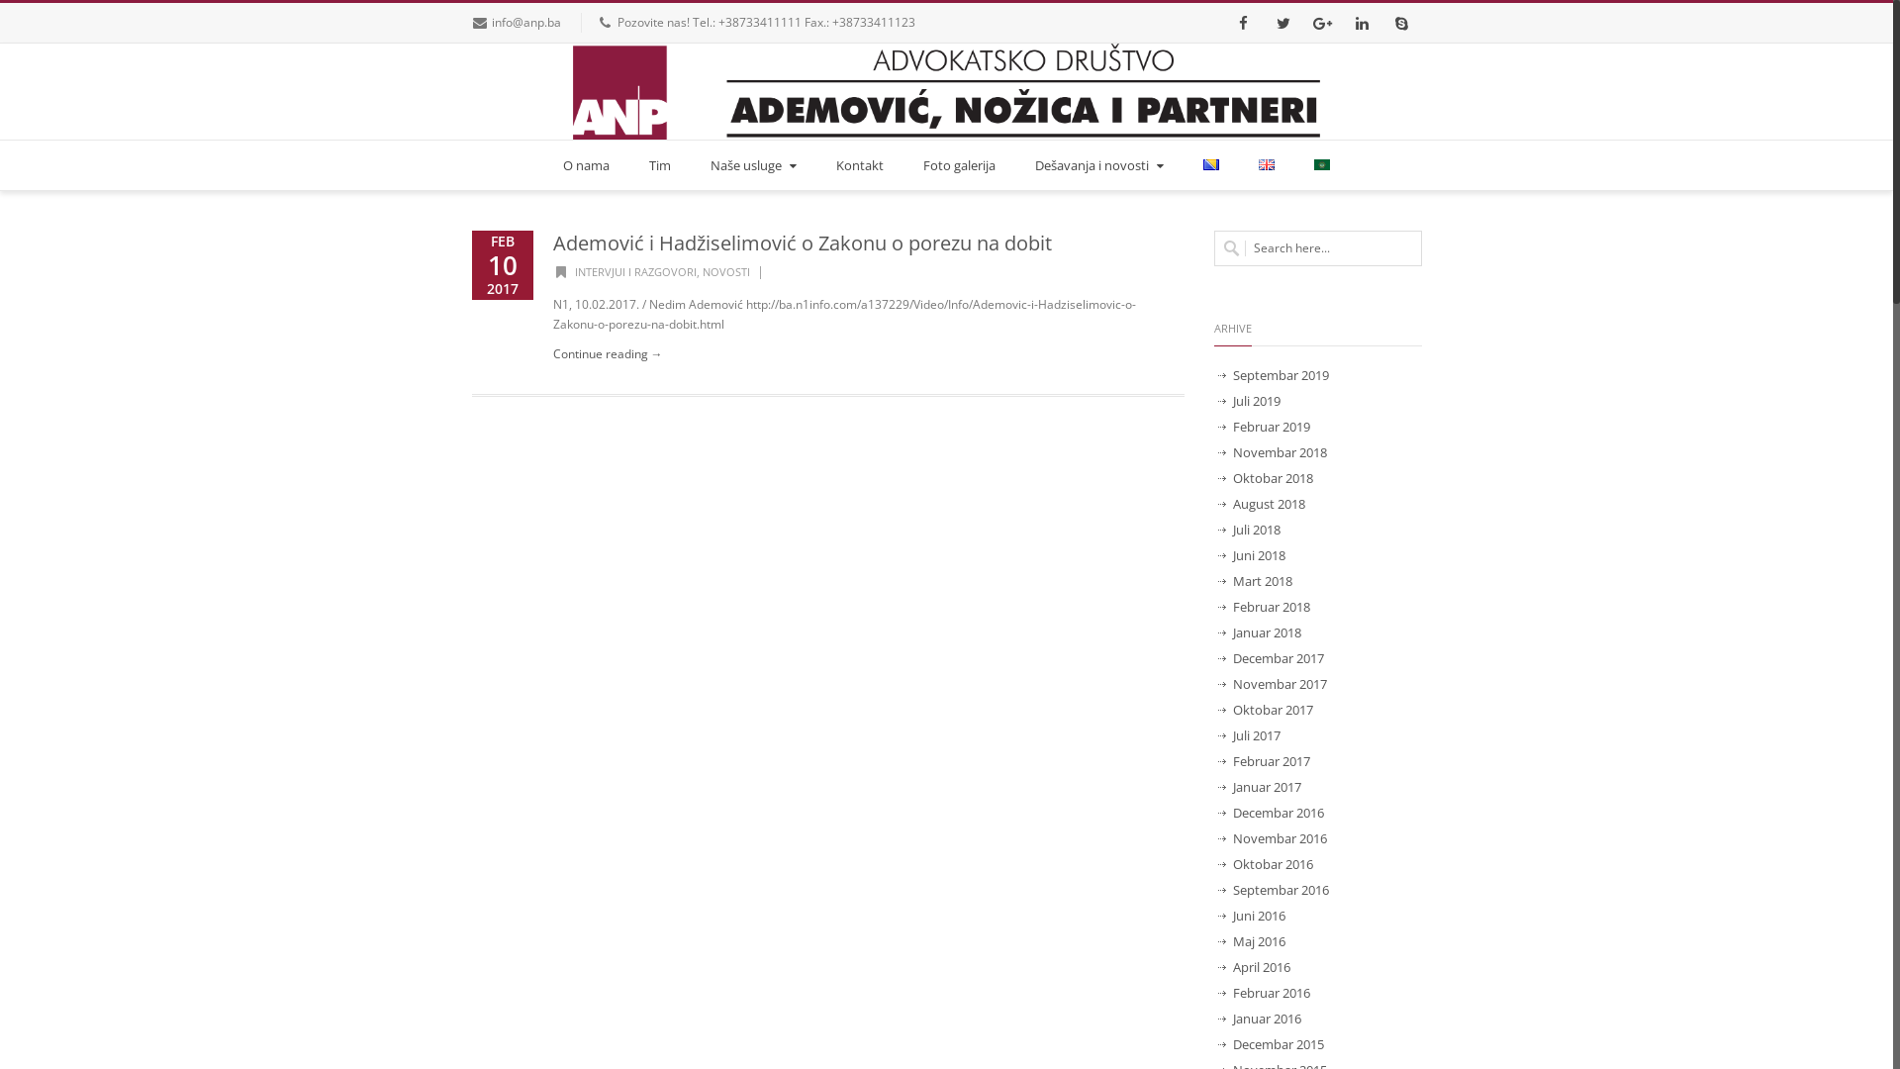 The height and width of the screenshot is (1069, 1900). What do you see at coordinates (1215, 606) in the screenshot?
I see `'Februar 2018'` at bounding box center [1215, 606].